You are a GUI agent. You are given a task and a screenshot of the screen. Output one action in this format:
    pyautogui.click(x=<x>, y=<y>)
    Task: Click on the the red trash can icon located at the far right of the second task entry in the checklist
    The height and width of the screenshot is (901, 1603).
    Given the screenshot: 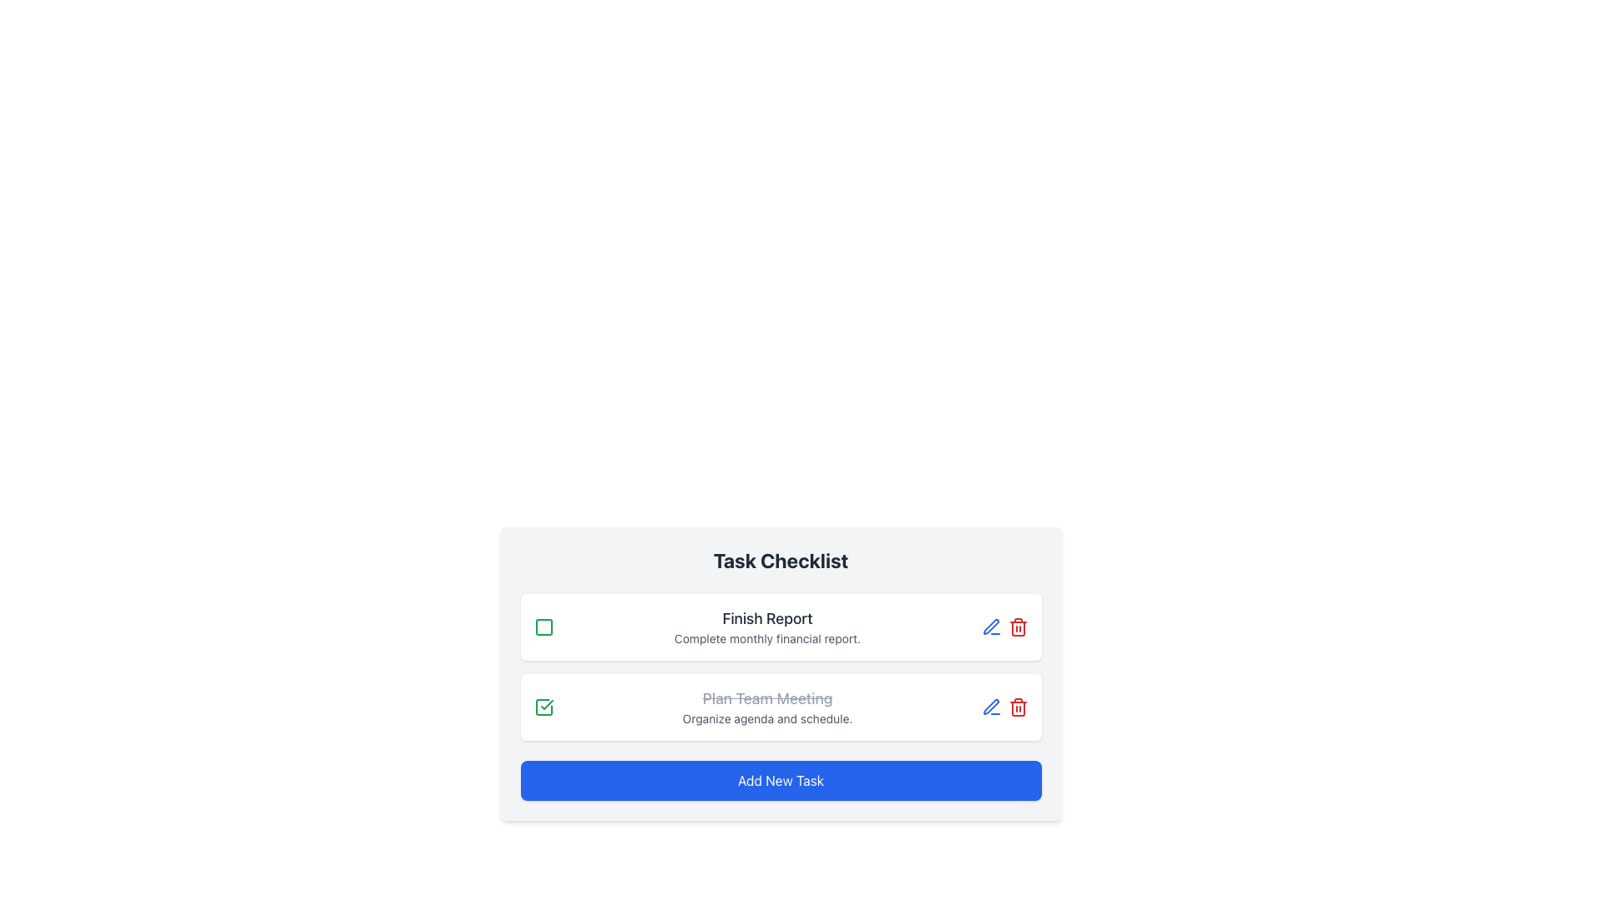 What is the action you would take?
    pyautogui.click(x=1017, y=707)
    